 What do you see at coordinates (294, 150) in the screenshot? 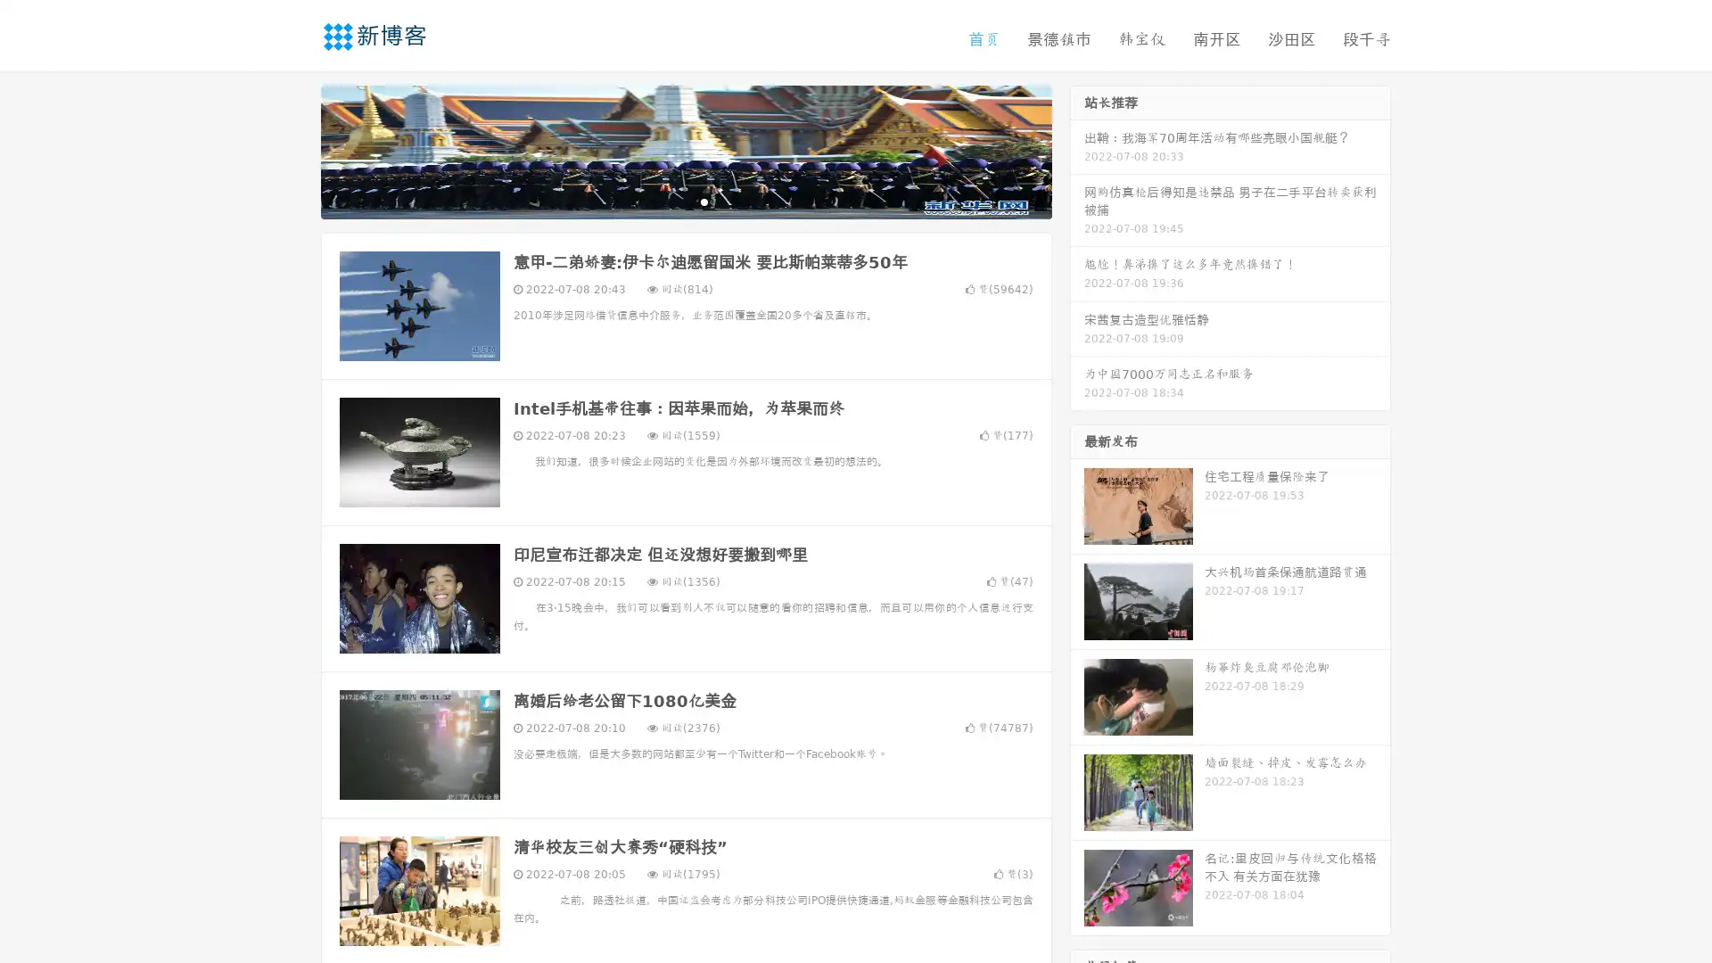
I see `Previous slide` at bounding box center [294, 150].